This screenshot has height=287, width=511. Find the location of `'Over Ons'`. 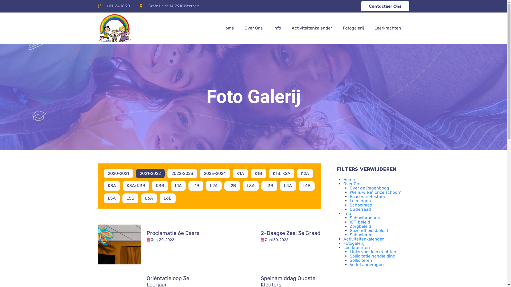

'Over Ons' is located at coordinates (253, 28).